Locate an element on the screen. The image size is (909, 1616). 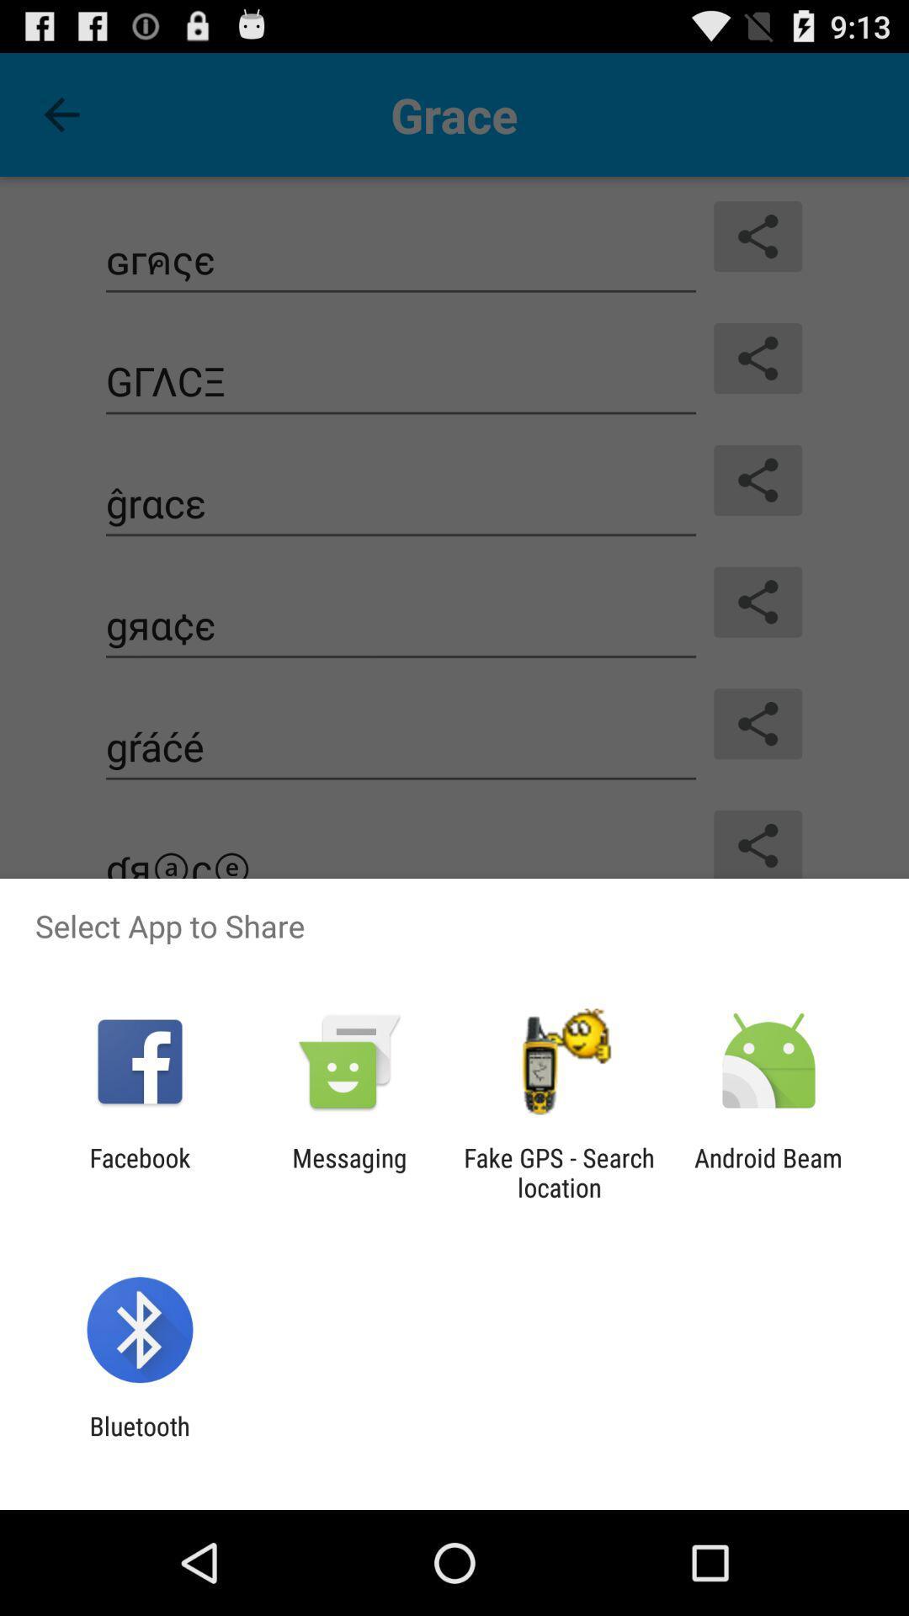
facebook item is located at coordinates (139, 1172).